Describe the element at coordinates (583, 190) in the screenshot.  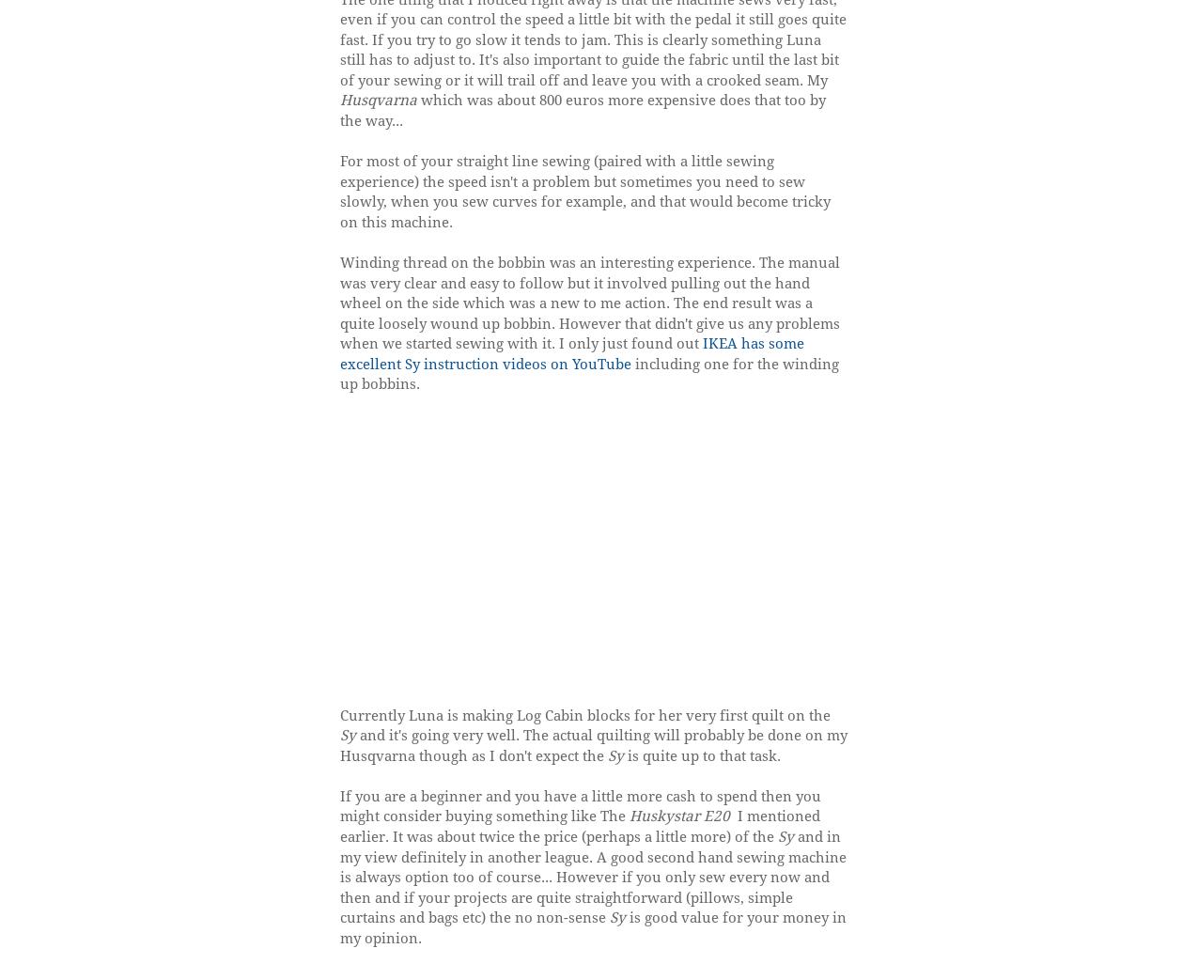
I see `'For most of your straight line sewing (paired with a little sewing experience) the speed isn't a problem but sometimes you need to sew slowly, when you sew curves for example, and that would become tricky on this machine.'` at that location.